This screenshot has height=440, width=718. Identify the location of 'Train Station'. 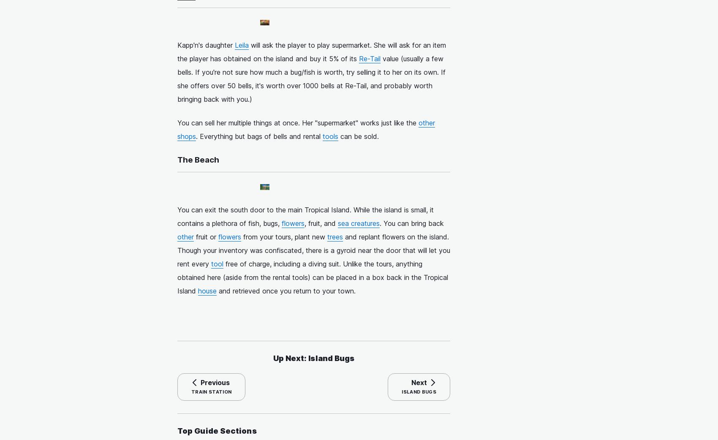
(211, 391).